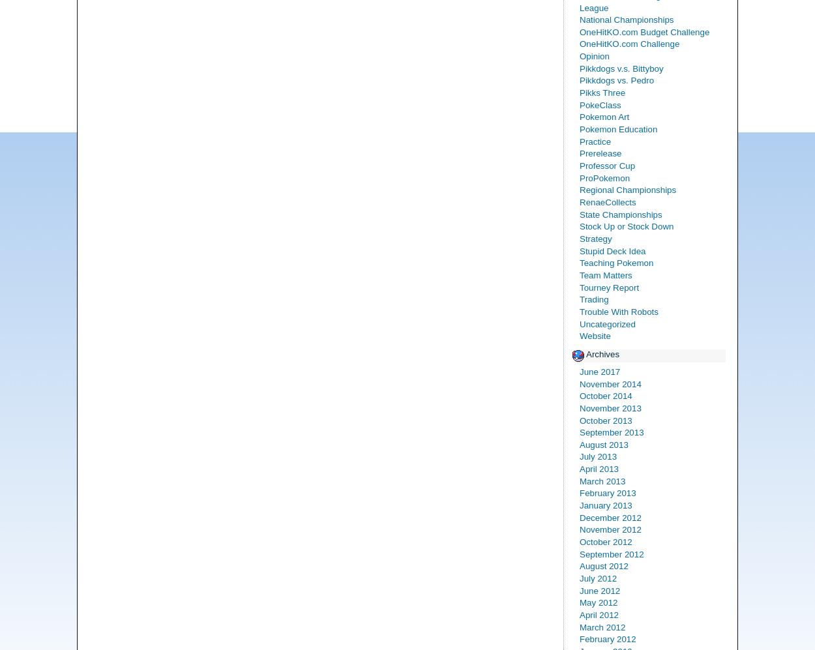  I want to click on 'March 2012', so click(602, 626).